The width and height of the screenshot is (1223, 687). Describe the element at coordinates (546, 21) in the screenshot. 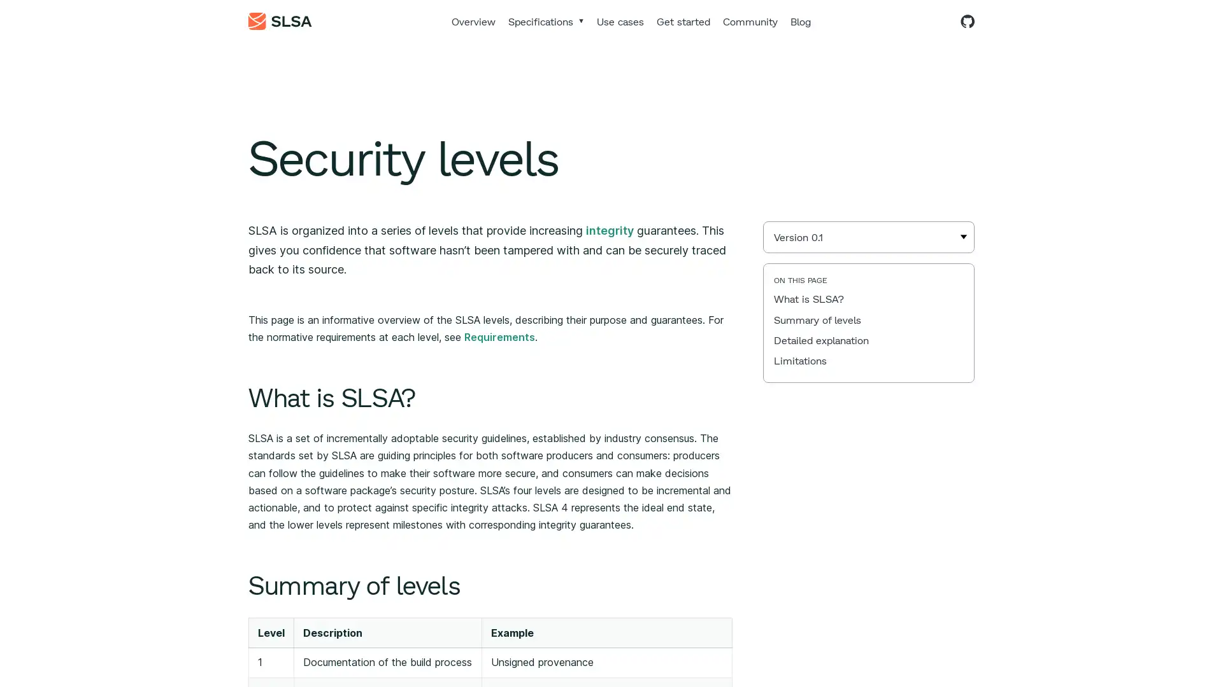

I see `Specifications` at that location.